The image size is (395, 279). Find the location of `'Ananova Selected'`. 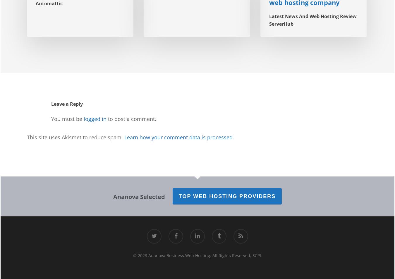

'Ananova Selected' is located at coordinates (138, 196).